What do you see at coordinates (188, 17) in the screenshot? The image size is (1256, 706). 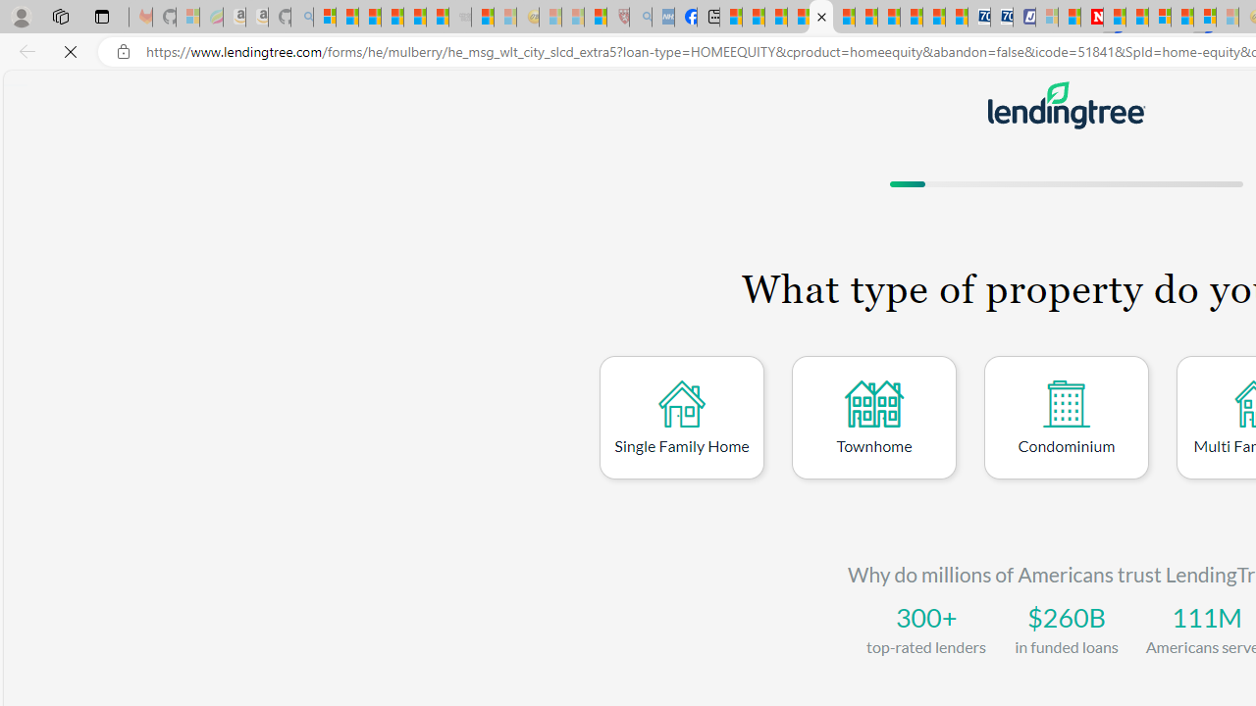 I see `'Microsoft-Report a Concern to Bing - Sleeping'` at bounding box center [188, 17].